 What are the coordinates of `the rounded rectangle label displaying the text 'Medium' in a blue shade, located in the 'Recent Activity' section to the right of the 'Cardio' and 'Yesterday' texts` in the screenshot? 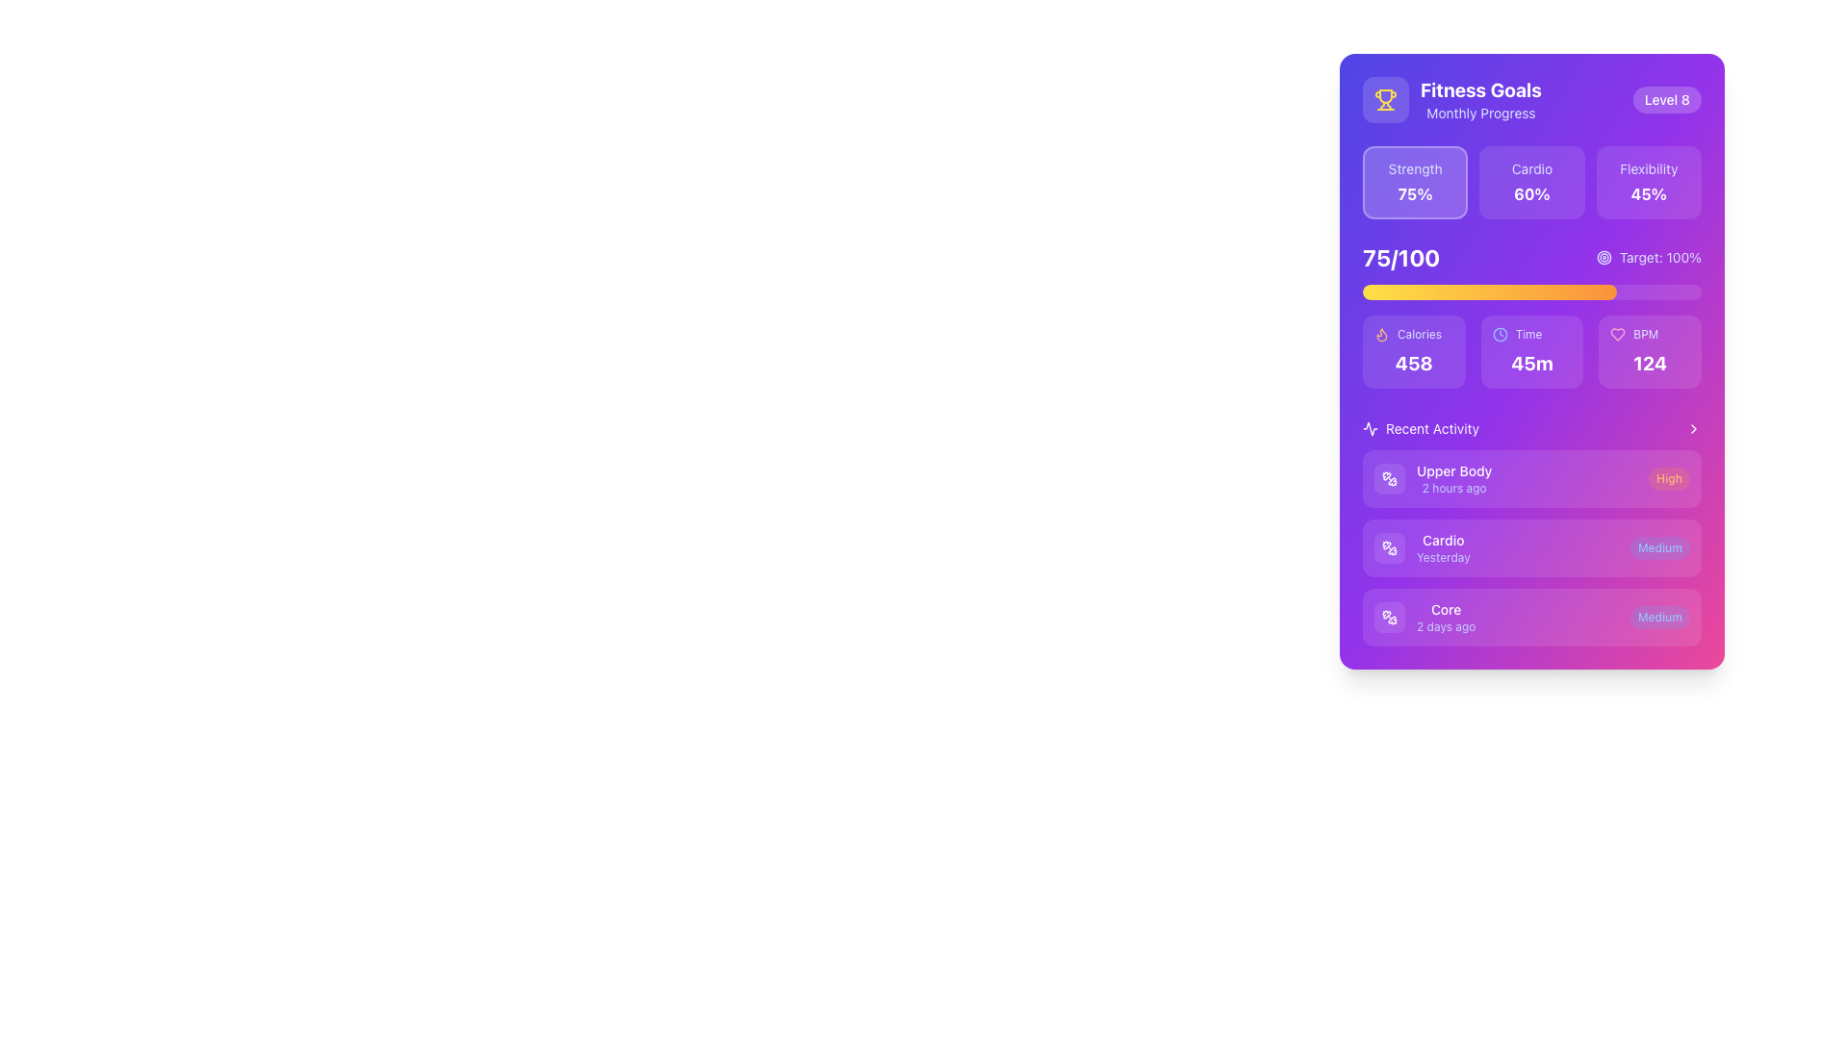 It's located at (1658, 548).